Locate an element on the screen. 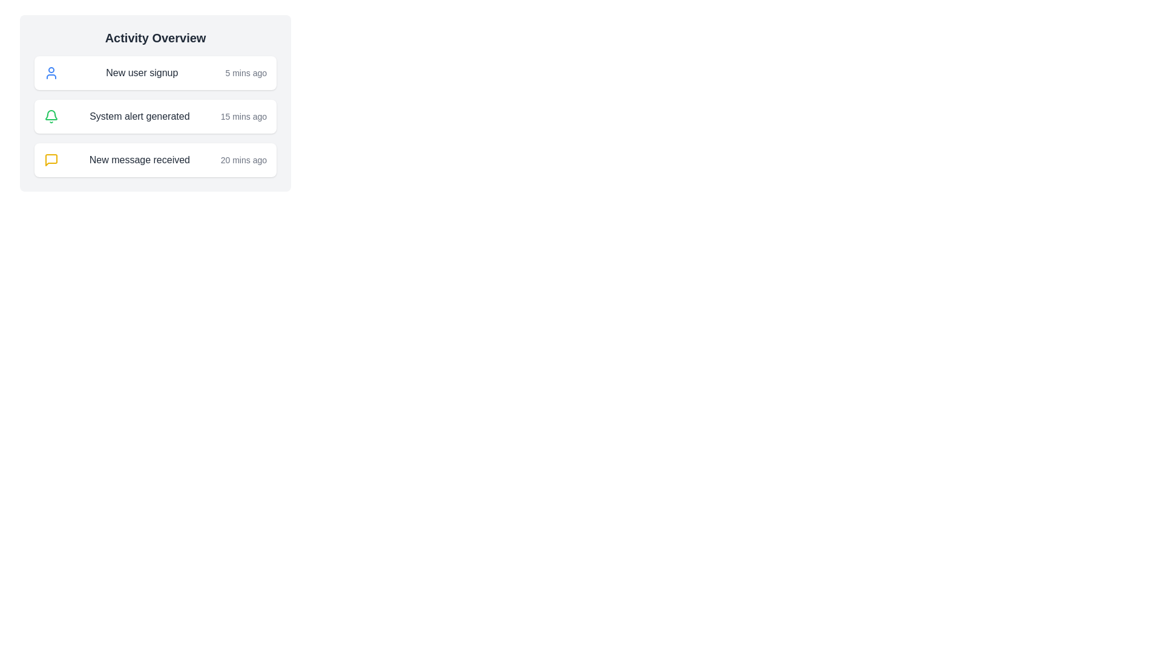 This screenshot has height=653, width=1162. the messaging notification icon located to the left of the text 'New message received' is located at coordinates (51, 160).